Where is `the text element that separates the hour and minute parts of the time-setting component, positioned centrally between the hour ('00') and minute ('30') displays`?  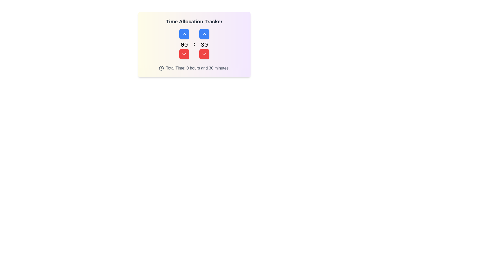
the text element that separates the hour and minute parts of the time-setting component, positioned centrally between the hour ('00') and minute ('30') displays is located at coordinates (194, 44).